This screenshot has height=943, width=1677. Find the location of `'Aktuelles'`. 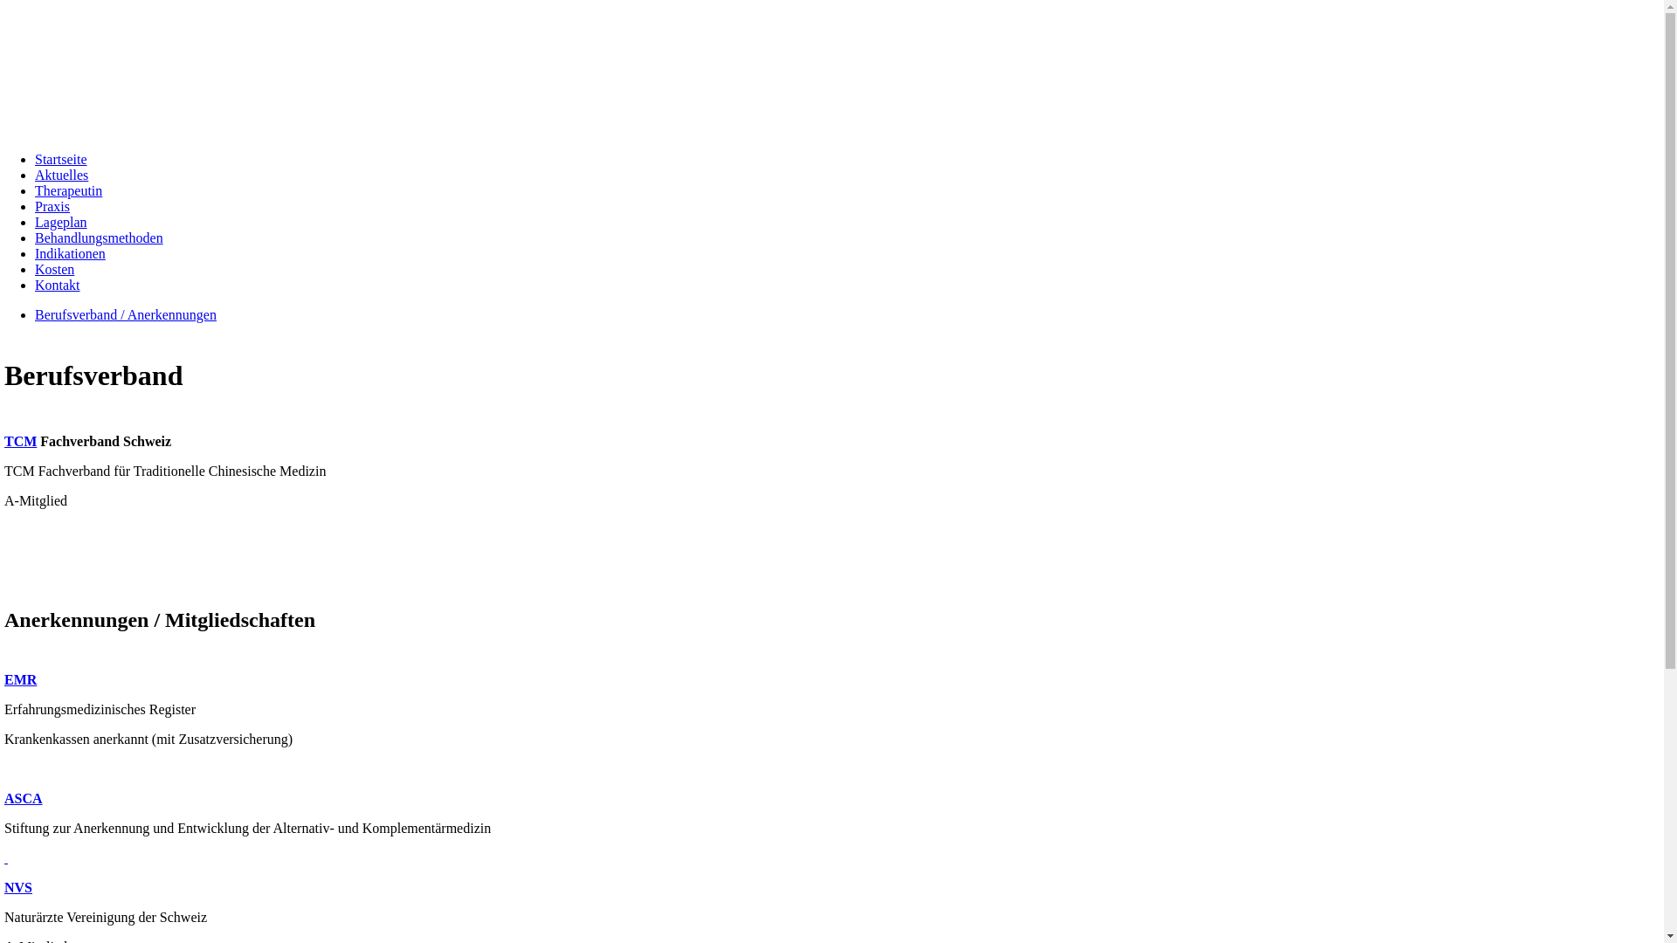

'Aktuelles' is located at coordinates (61, 175).